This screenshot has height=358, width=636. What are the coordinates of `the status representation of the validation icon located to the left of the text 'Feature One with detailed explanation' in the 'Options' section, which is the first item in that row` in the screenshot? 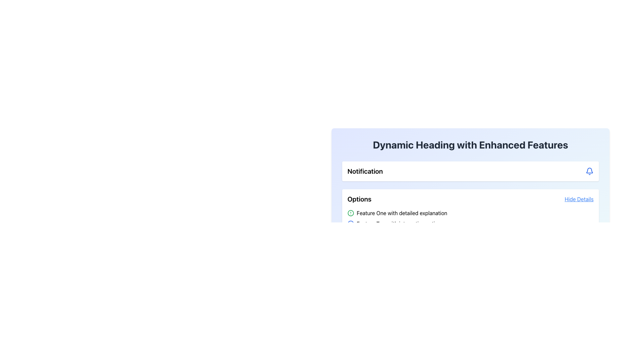 It's located at (350, 213).